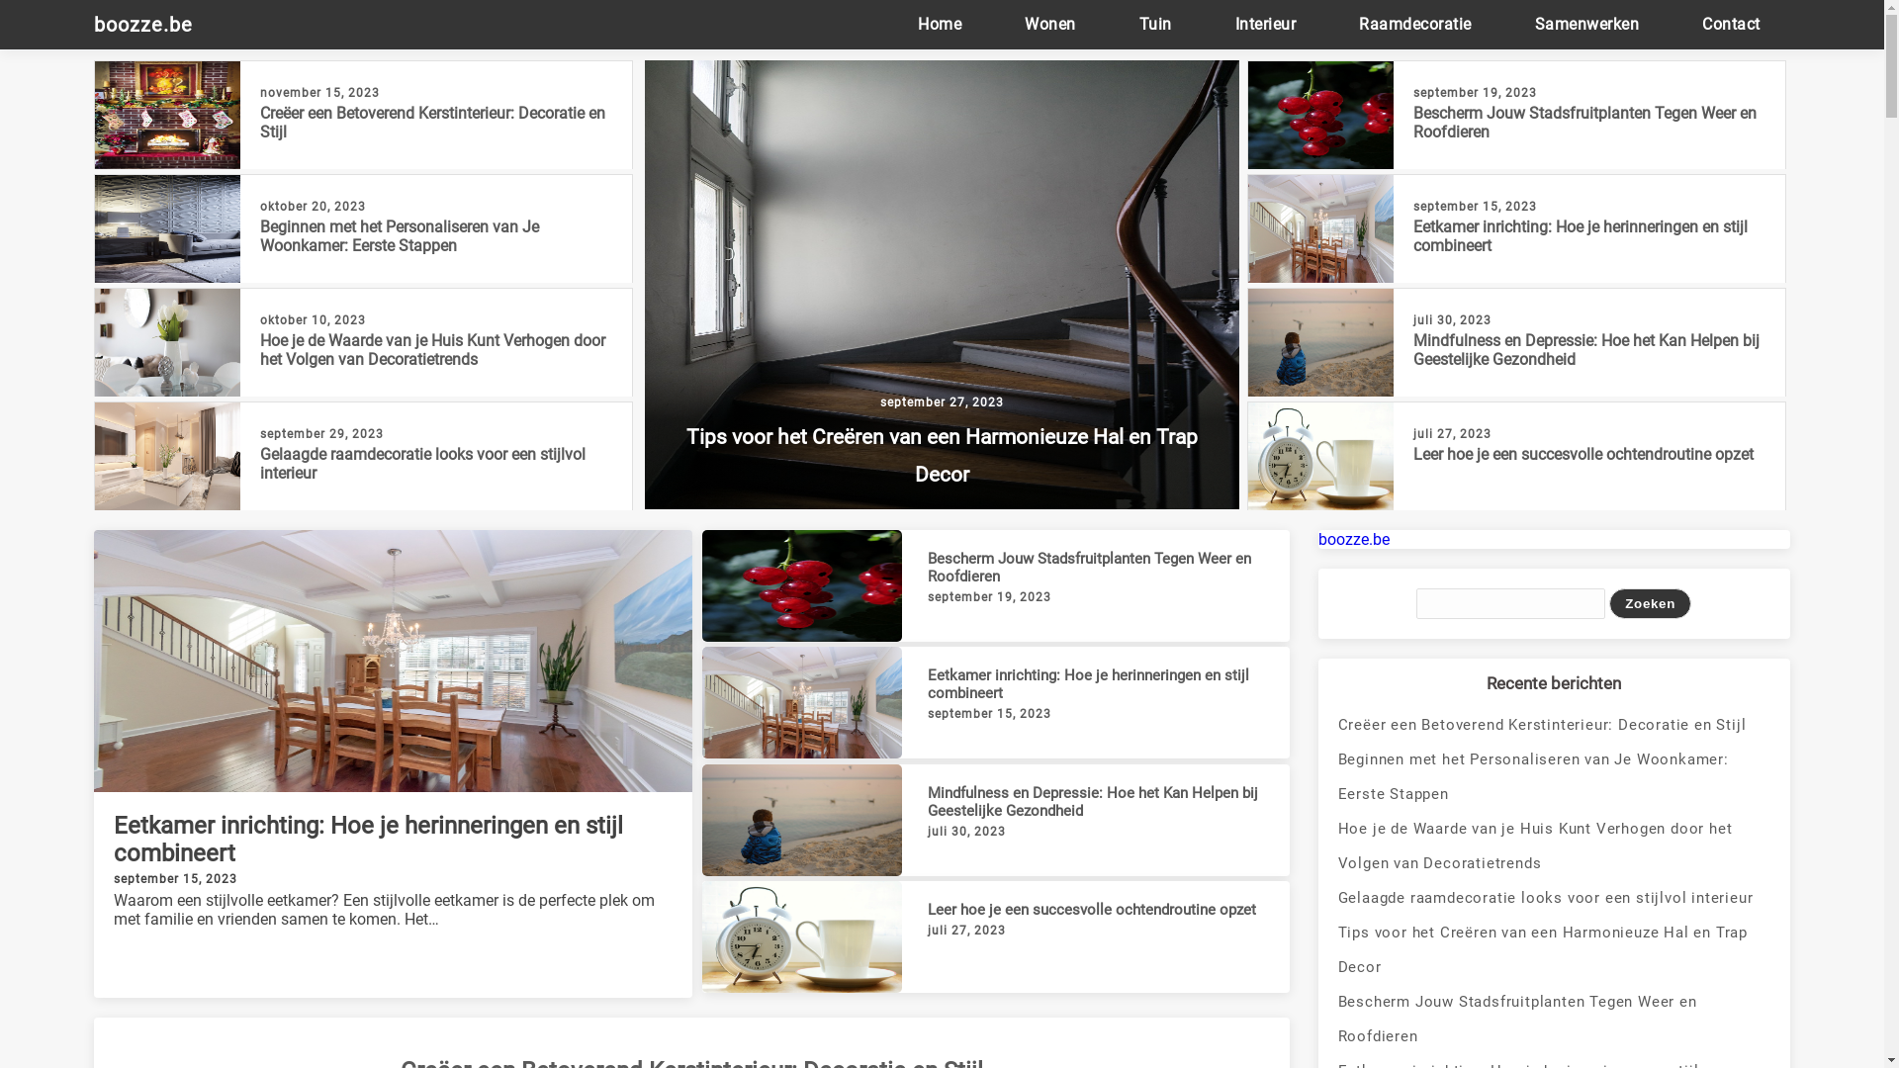 This screenshot has width=1899, height=1068. Describe the element at coordinates (1266, 24) in the screenshot. I see `'Interieur'` at that location.